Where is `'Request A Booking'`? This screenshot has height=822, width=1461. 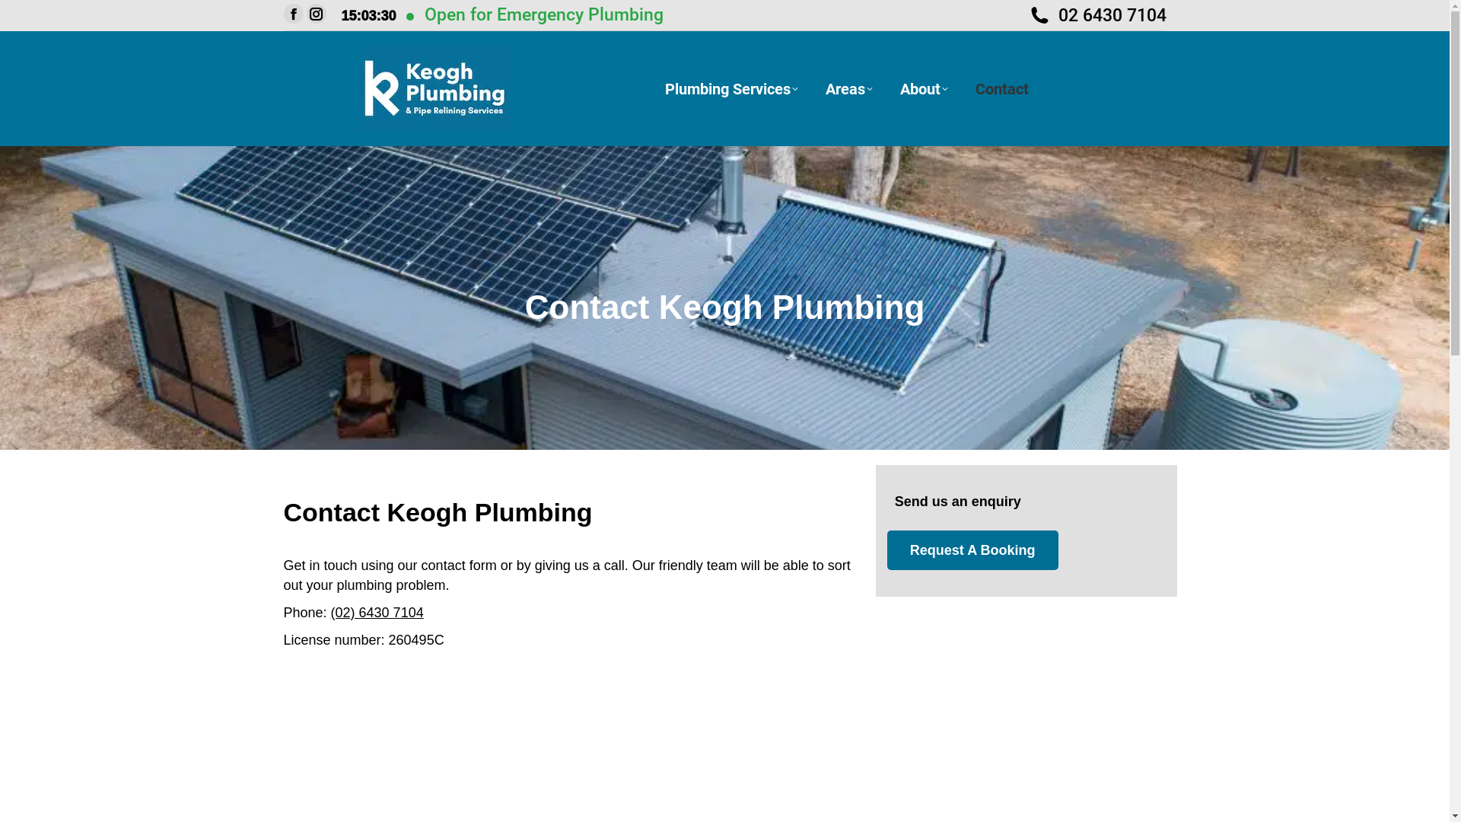
'Request A Booking' is located at coordinates (887, 550).